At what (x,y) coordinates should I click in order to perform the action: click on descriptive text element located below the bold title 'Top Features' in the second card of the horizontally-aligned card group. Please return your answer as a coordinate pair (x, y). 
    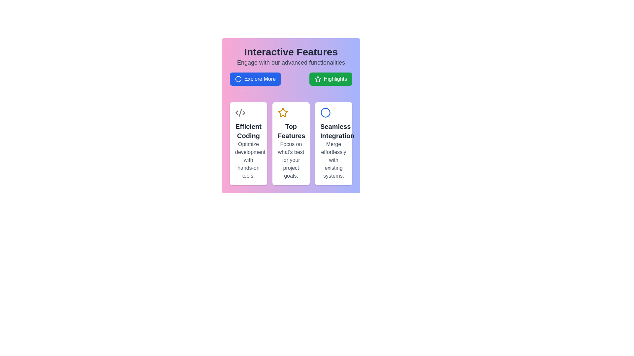
    Looking at the image, I should click on (291, 160).